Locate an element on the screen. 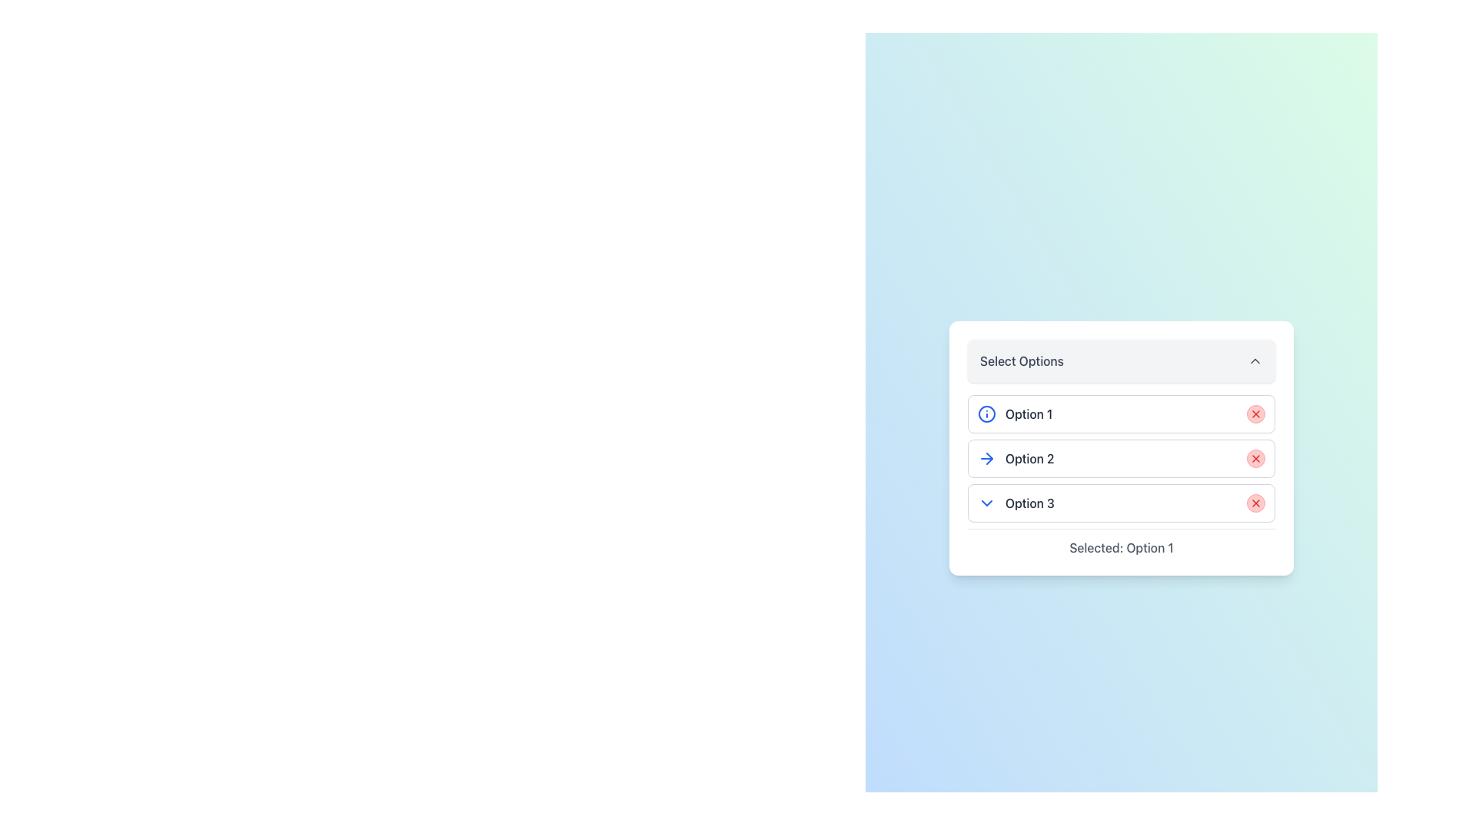 The image size is (1476, 830). the third item in a vertical selectable list is located at coordinates (1016, 503).